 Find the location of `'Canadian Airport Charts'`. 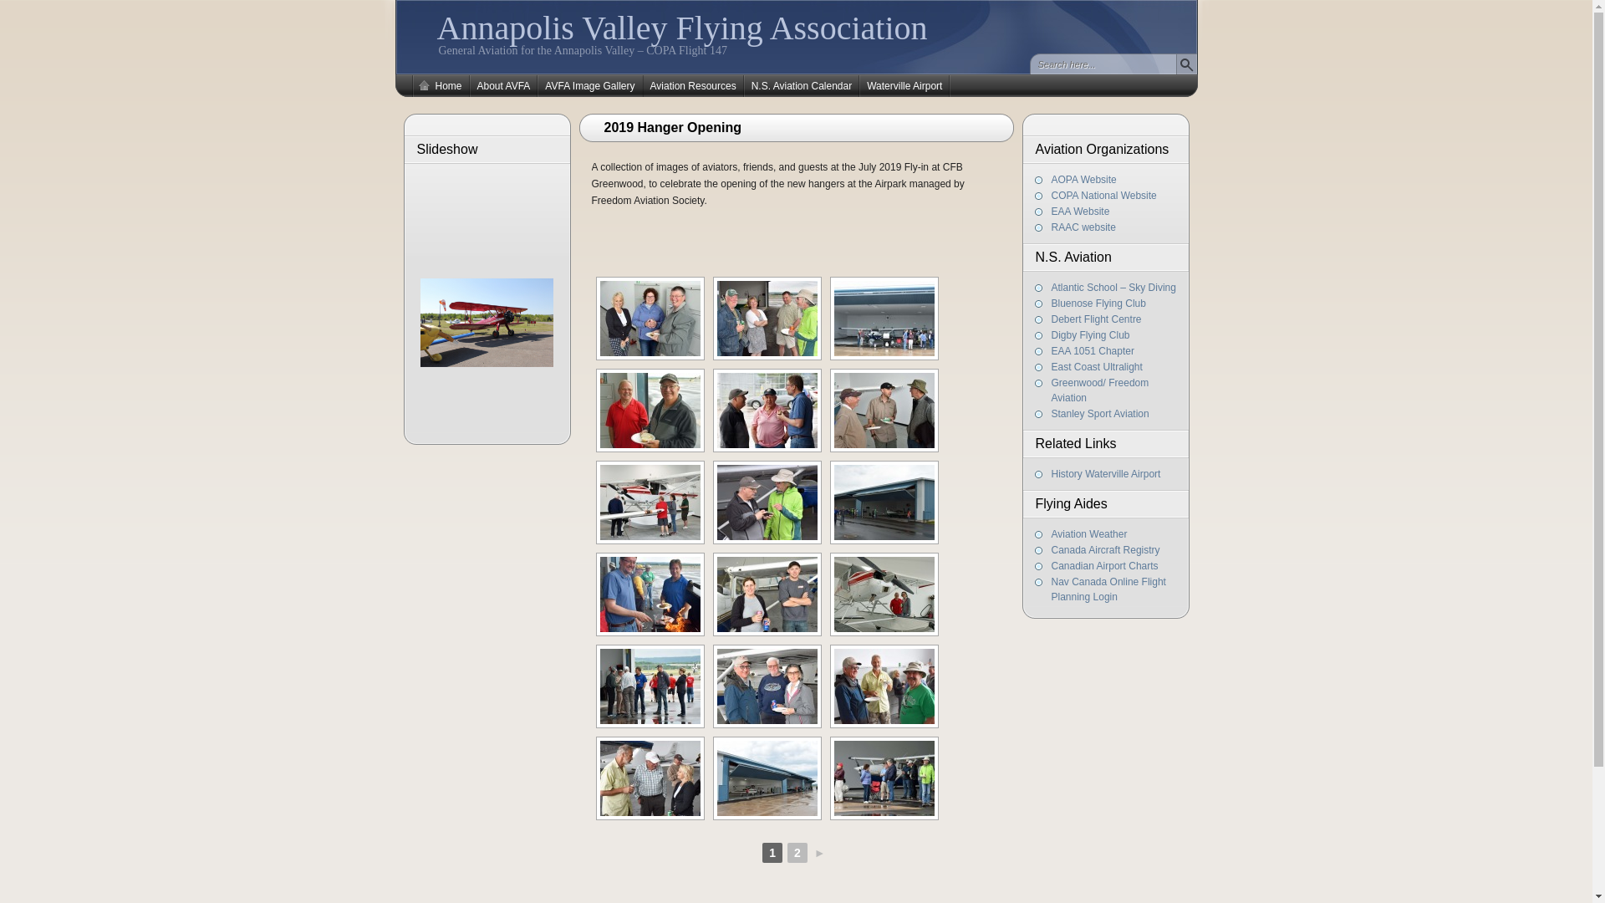

'Canadian Airport Charts' is located at coordinates (1050, 565).